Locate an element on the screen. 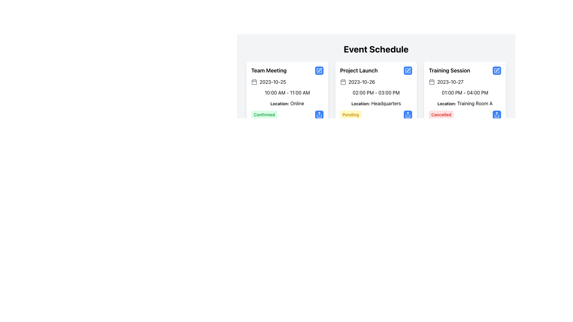 This screenshot has width=573, height=322. the date text inside the 'Training Session' card, which is the third card in the 'Event Schedule' section, located to the right of the calendar icon graphic is located at coordinates (450, 82).